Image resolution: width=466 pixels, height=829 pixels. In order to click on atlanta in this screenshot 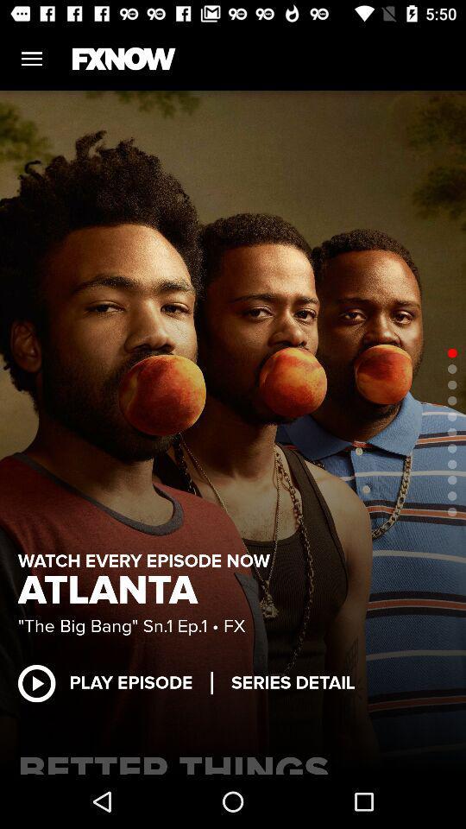, I will do `click(113, 591)`.